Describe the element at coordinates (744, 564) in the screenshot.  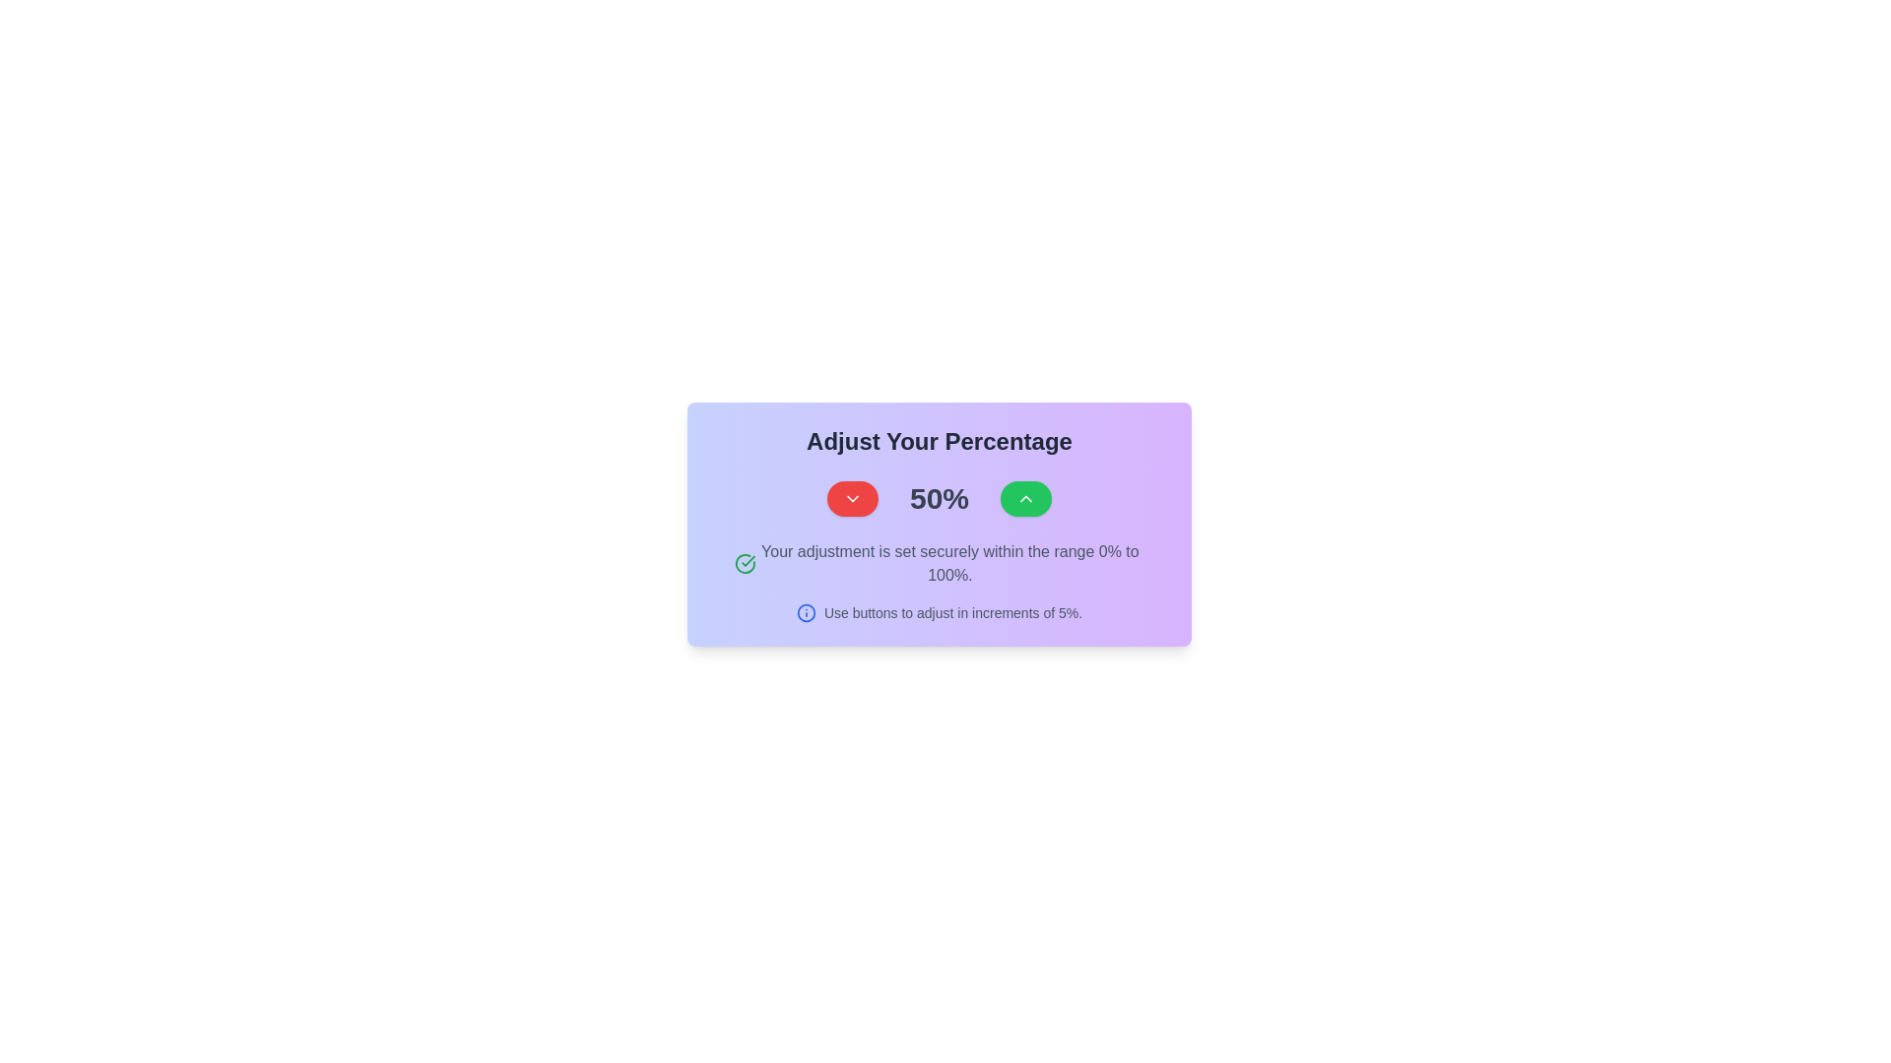
I see `the circular green icon with a checkmark, which indicates confirmation, located to the left of the text 'Your adjustment is set securely within the range 0% to 100%'` at that location.